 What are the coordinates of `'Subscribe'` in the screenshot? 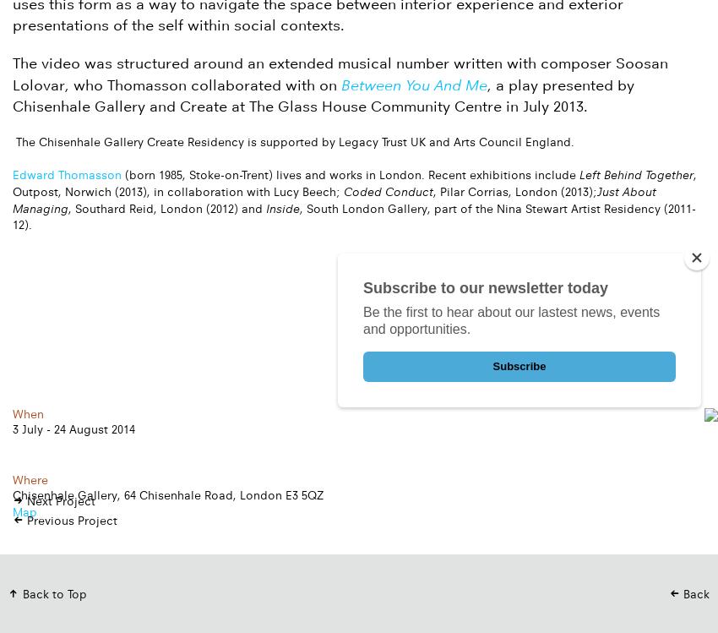 It's located at (518, 366).